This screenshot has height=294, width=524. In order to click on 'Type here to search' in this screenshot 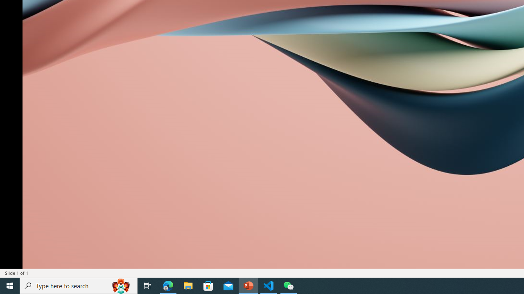, I will do `click(79, 285)`.